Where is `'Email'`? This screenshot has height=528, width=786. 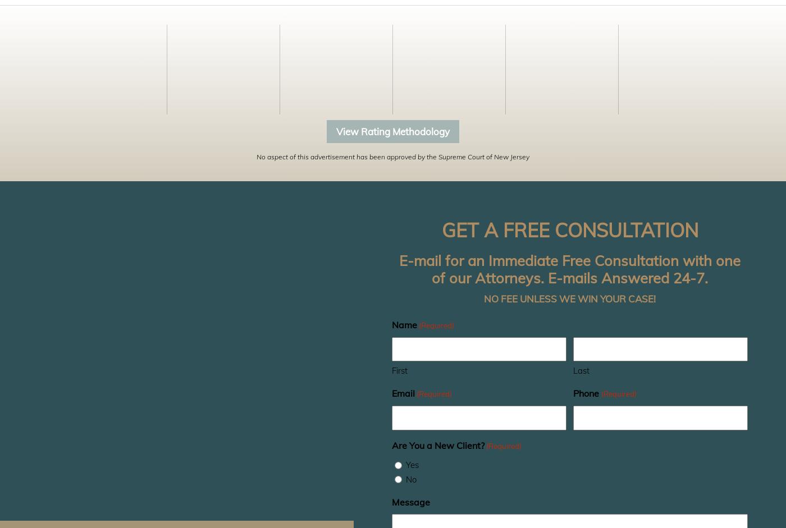
'Email' is located at coordinates (403, 393).